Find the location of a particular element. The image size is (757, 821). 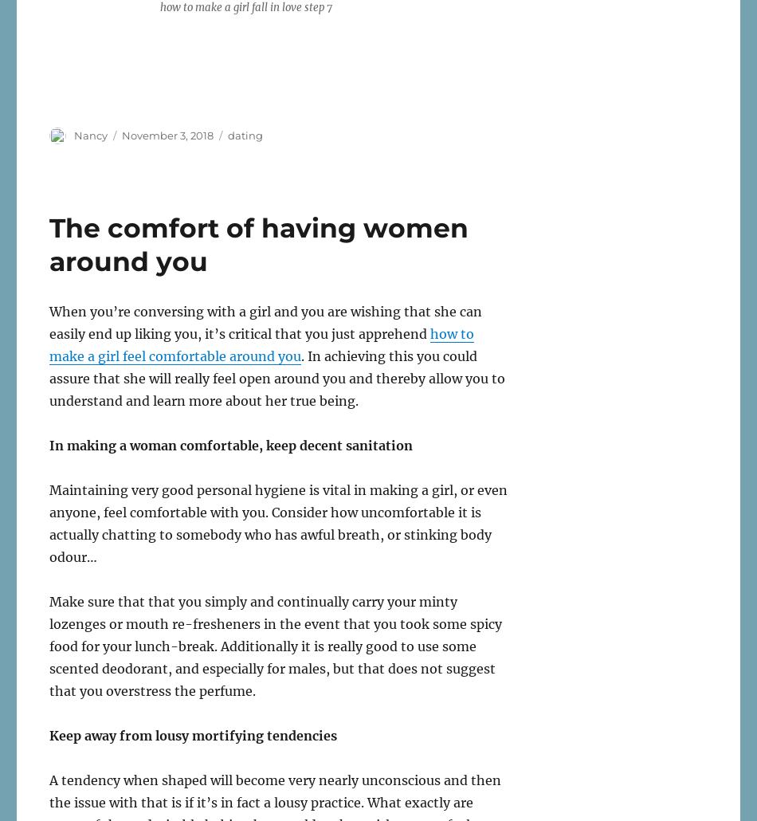

'November 3, 2018' is located at coordinates (167, 134).